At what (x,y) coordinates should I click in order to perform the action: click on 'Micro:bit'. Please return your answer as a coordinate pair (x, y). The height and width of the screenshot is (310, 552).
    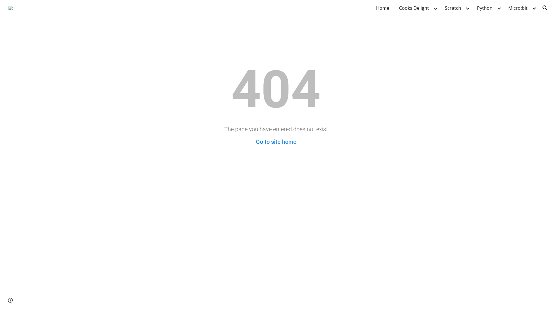
    Looking at the image, I should click on (505, 8).